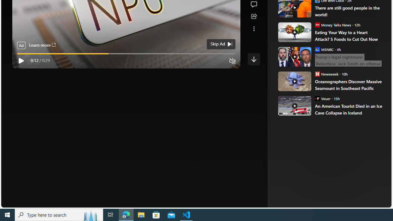 The height and width of the screenshot is (221, 393). I want to click on 'Newsweek', so click(317, 73).